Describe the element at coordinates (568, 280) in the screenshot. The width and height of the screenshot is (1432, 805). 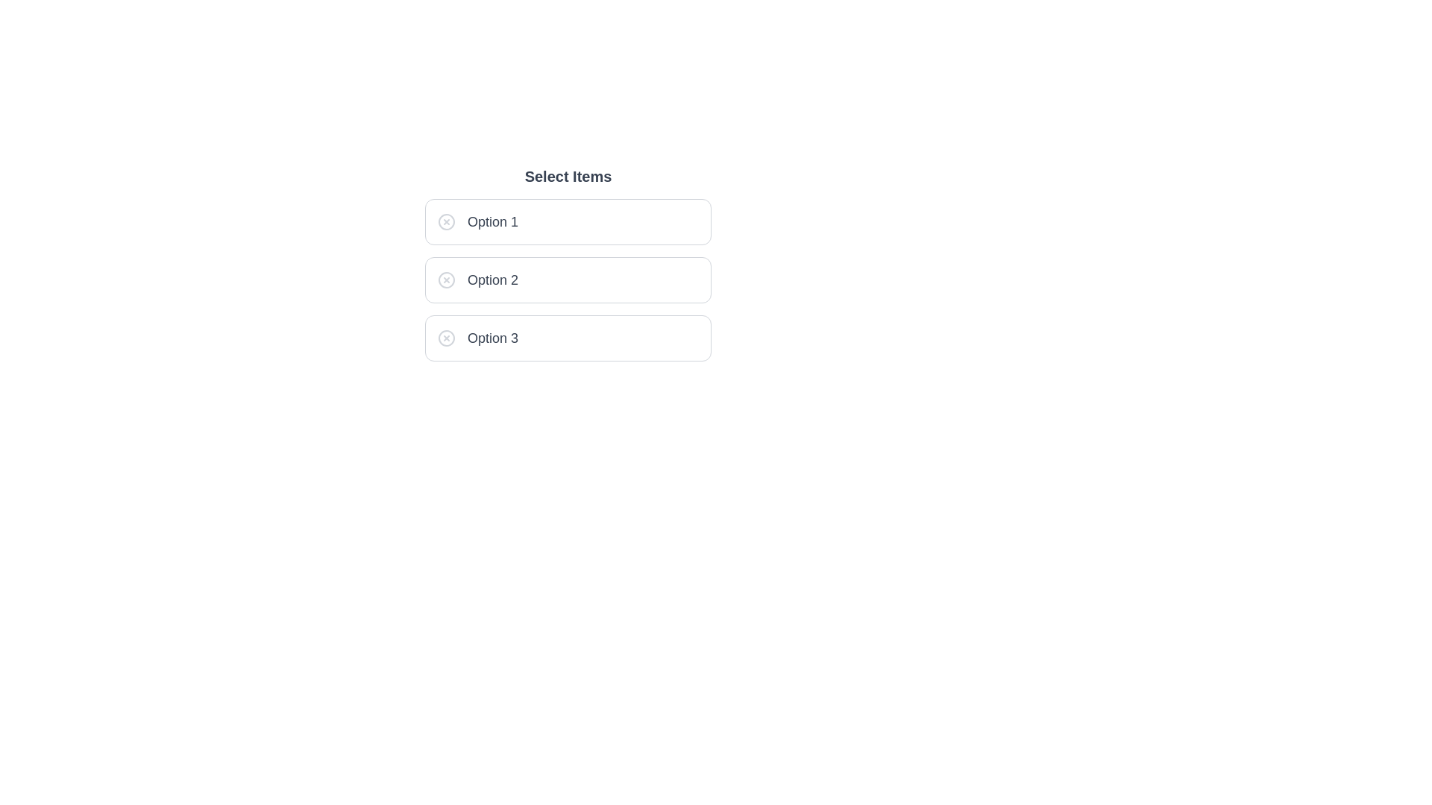
I see `the 'Option 2' button, which is a rectangular button with a white background and rounded corners, located below the title 'Select Items'` at that location.